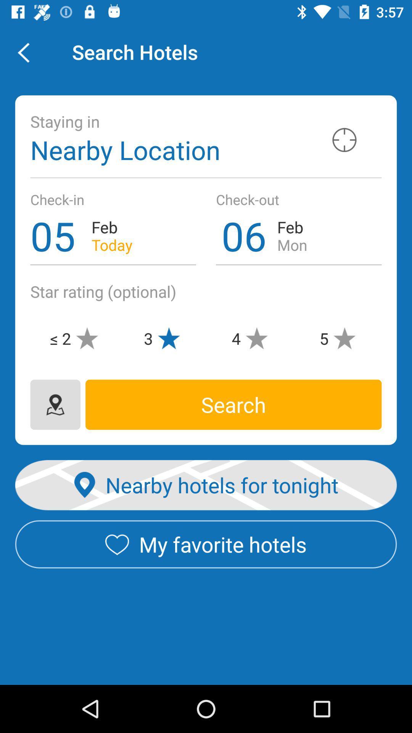 Image resolution: width=412 pixels, height=733 pixels. What do you see at coordinates (55, 404) in the screenshot?
I see `open map` at bounding box center [55, 404].